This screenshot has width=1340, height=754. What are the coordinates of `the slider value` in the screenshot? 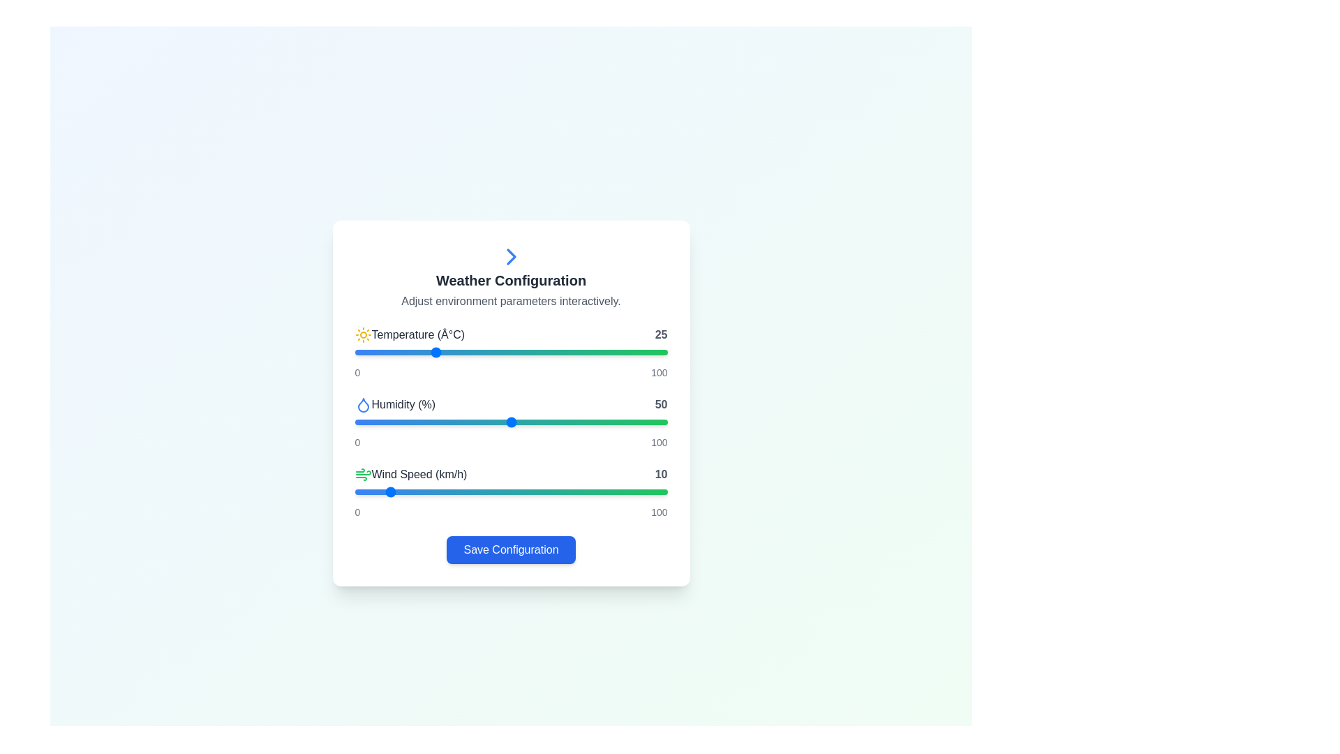 It's located at (382, 422).